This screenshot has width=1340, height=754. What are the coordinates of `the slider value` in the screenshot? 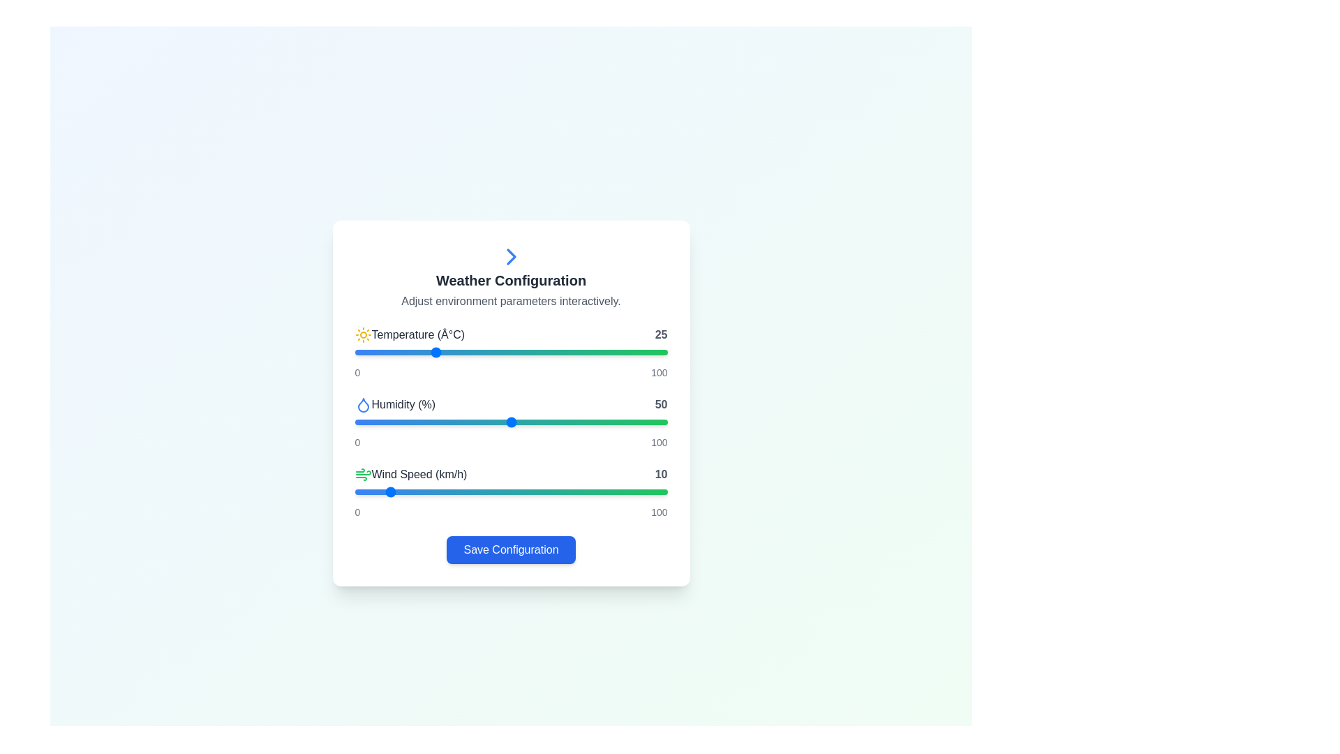 It's located at (382, 422).